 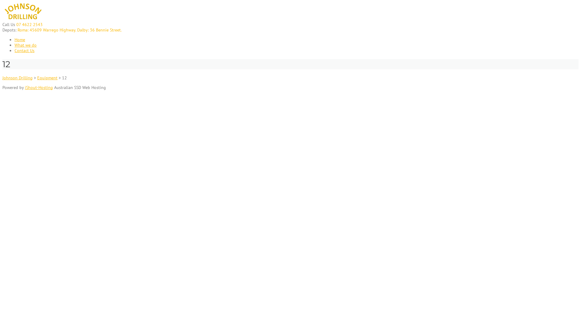 I want to click on 'iShout-Hosting', so click(x=38, y=88).